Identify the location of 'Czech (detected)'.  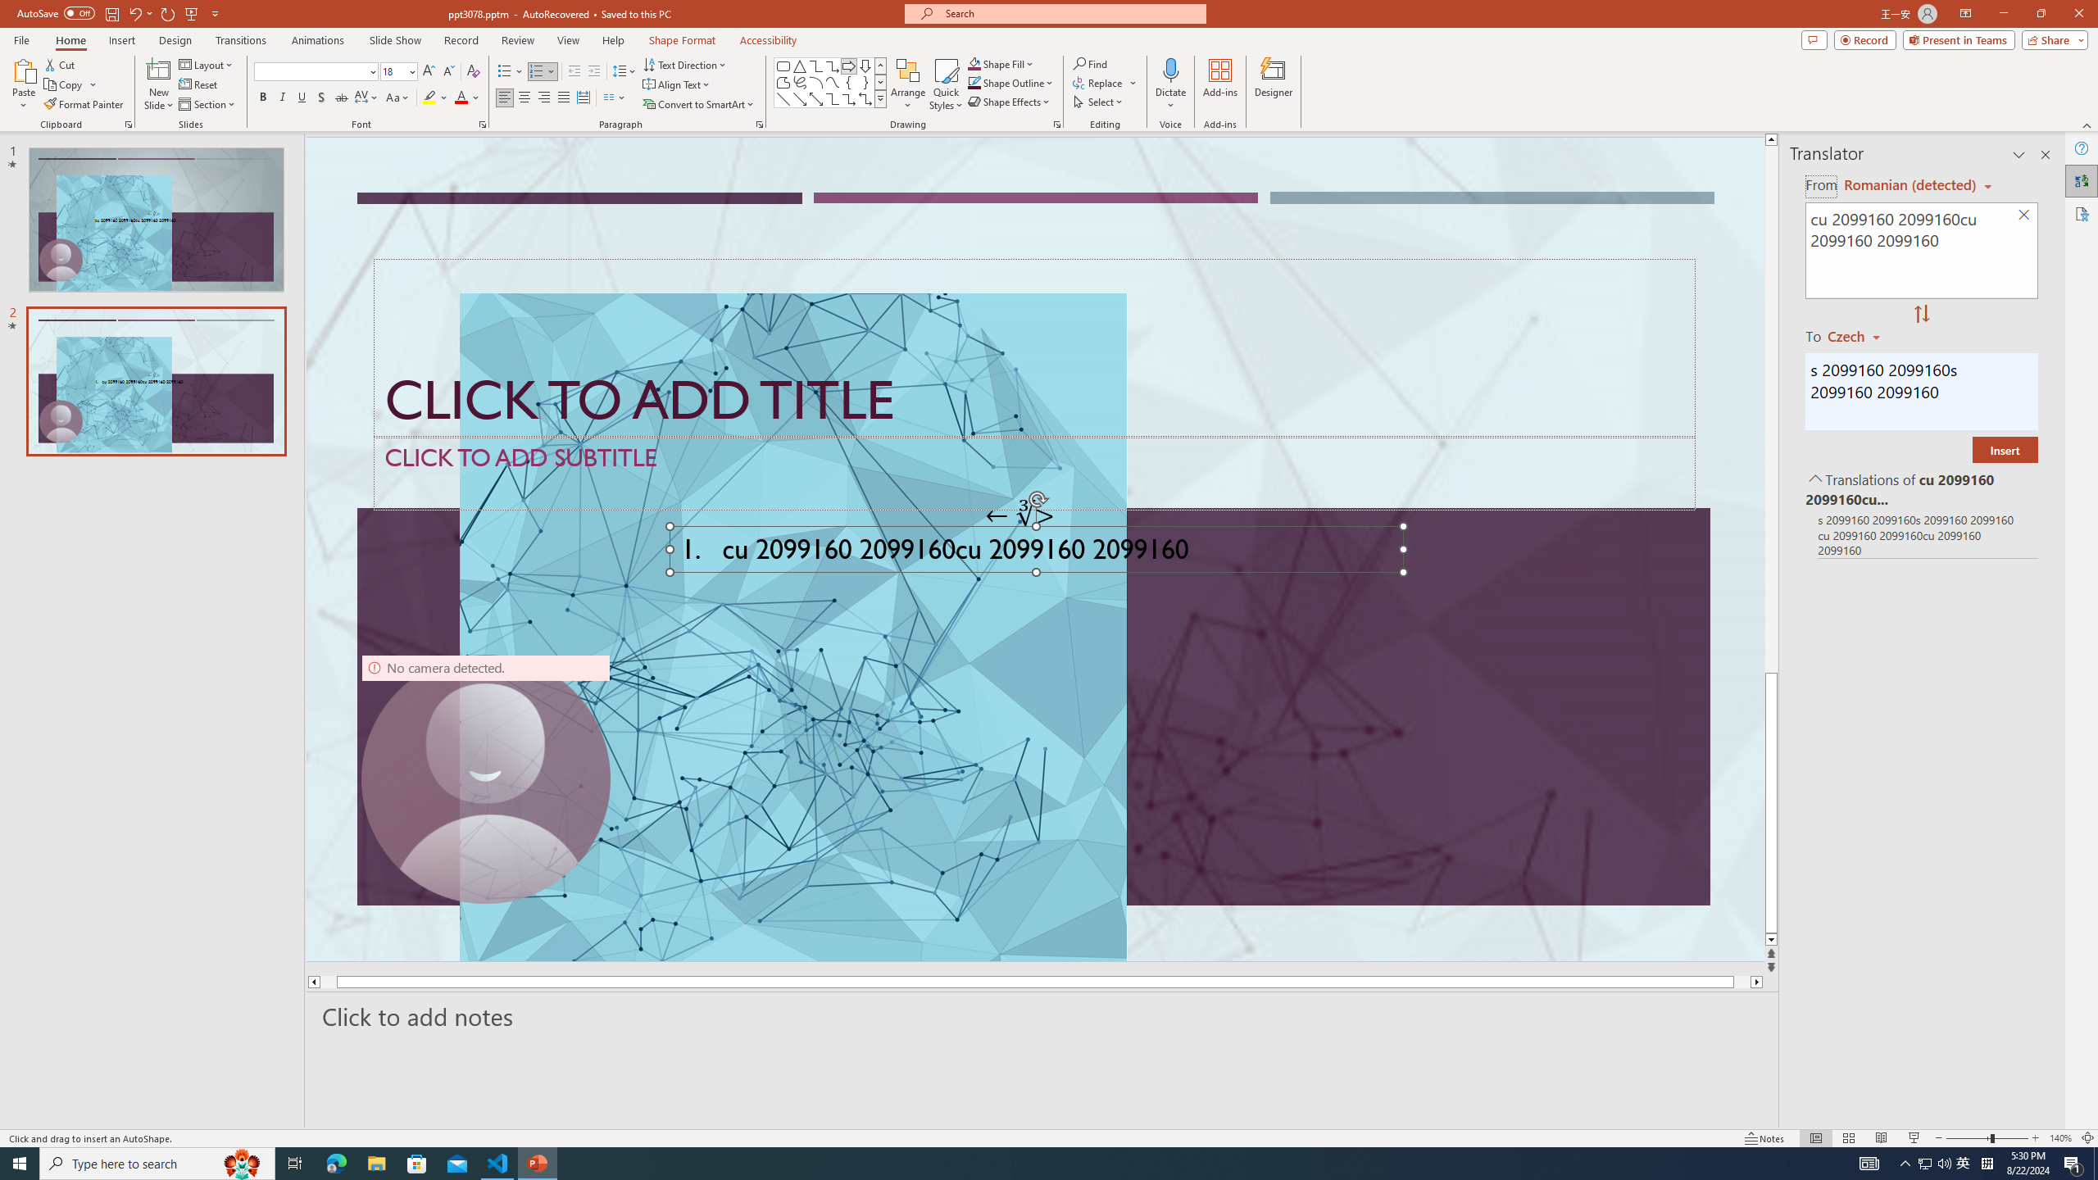
(1907, 184).